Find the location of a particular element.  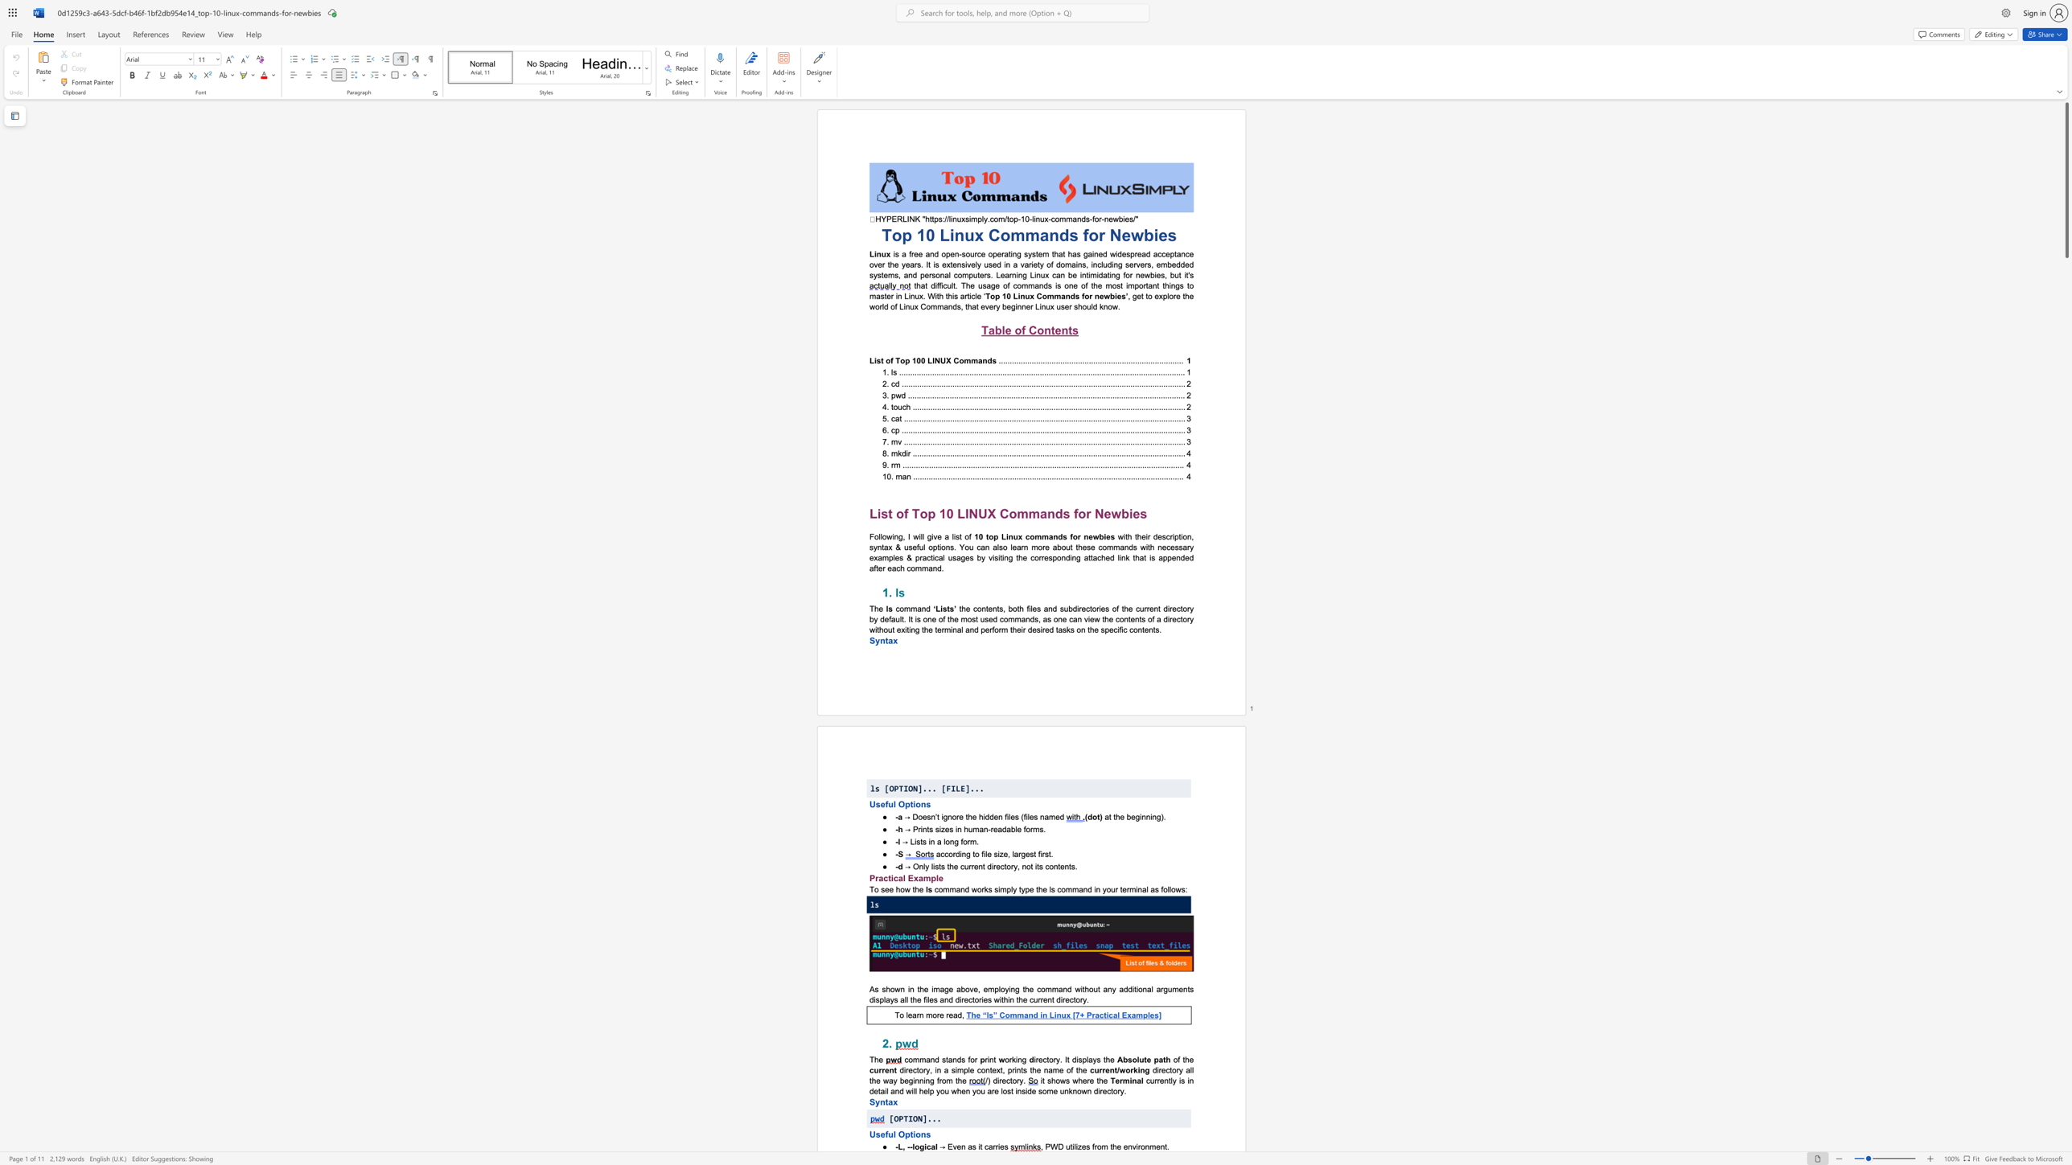

the 1th character "e" in the text is located at coordinates (1100, 296).